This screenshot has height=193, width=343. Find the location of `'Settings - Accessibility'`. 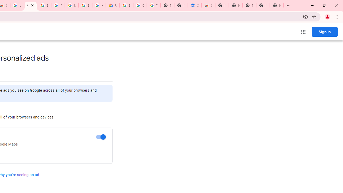

'Settings - Accessibility' is located at coordinates (195, 5).